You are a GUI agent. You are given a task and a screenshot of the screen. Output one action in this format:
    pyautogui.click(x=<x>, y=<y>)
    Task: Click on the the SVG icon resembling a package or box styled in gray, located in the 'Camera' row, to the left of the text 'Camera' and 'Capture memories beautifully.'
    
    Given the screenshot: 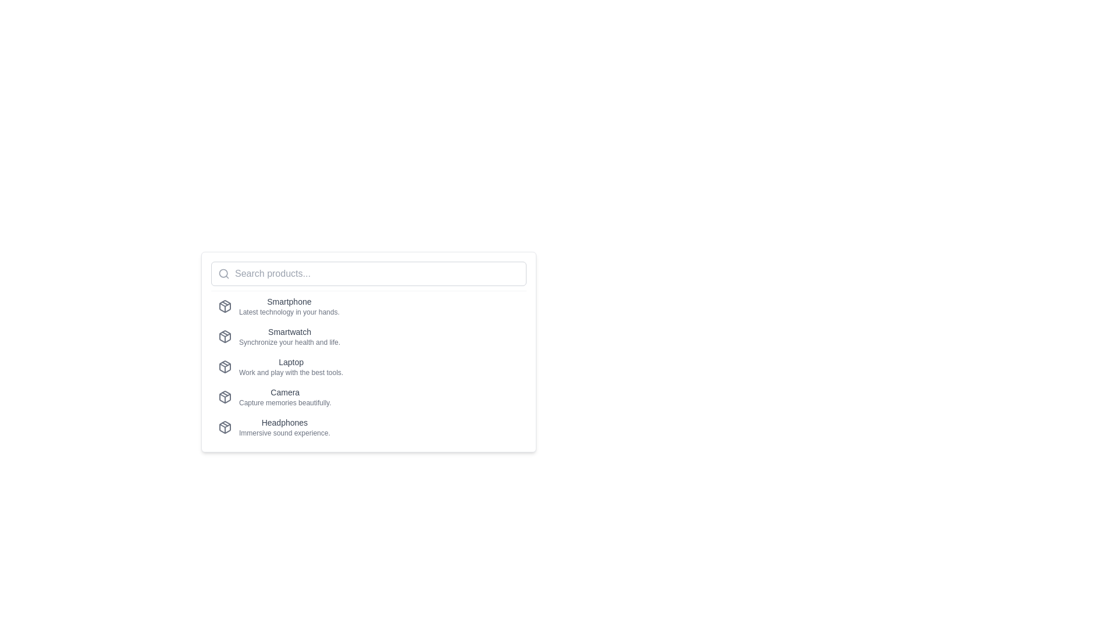 What is the action you would take?
    pyautogui.click(x=225, y=396)
    